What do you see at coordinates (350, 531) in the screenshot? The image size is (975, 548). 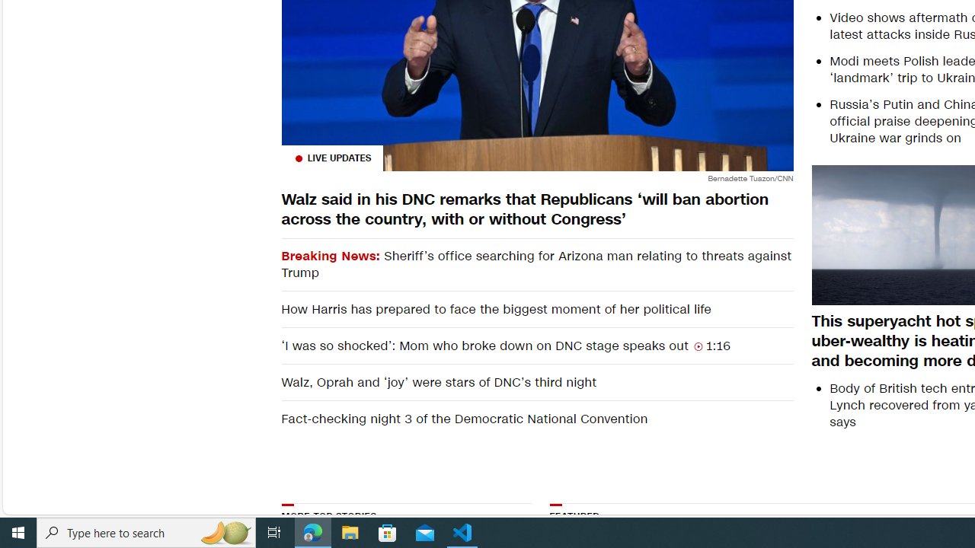 I see `'File Explorer'` at bounding box center [350, 531].